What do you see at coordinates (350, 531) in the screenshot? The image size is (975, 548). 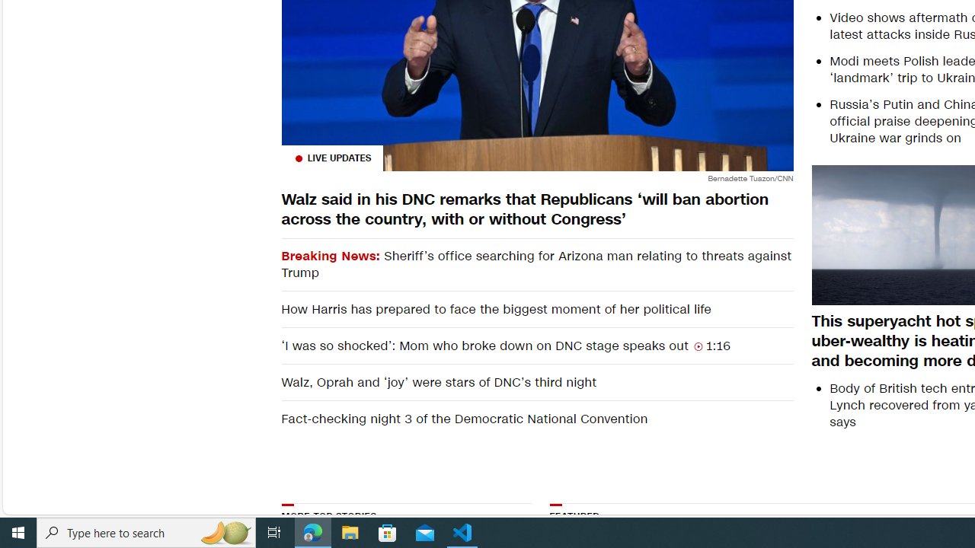 I see `'File Explorer'` at bounding box center [350, 531].